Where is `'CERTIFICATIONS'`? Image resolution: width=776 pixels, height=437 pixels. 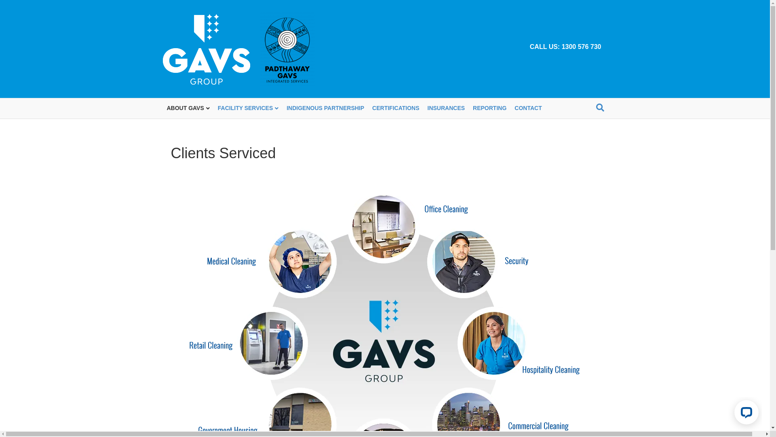 'CERTIFICATIONS' is located at coordinates (396, 108).